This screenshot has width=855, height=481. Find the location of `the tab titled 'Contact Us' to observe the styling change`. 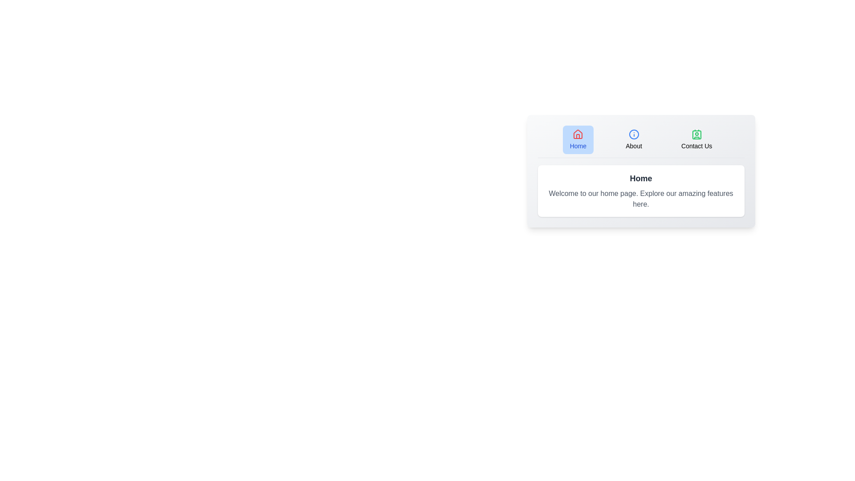

the tab titled 'Contact Us' to observe the styling change is located at coordinates (696, 139).